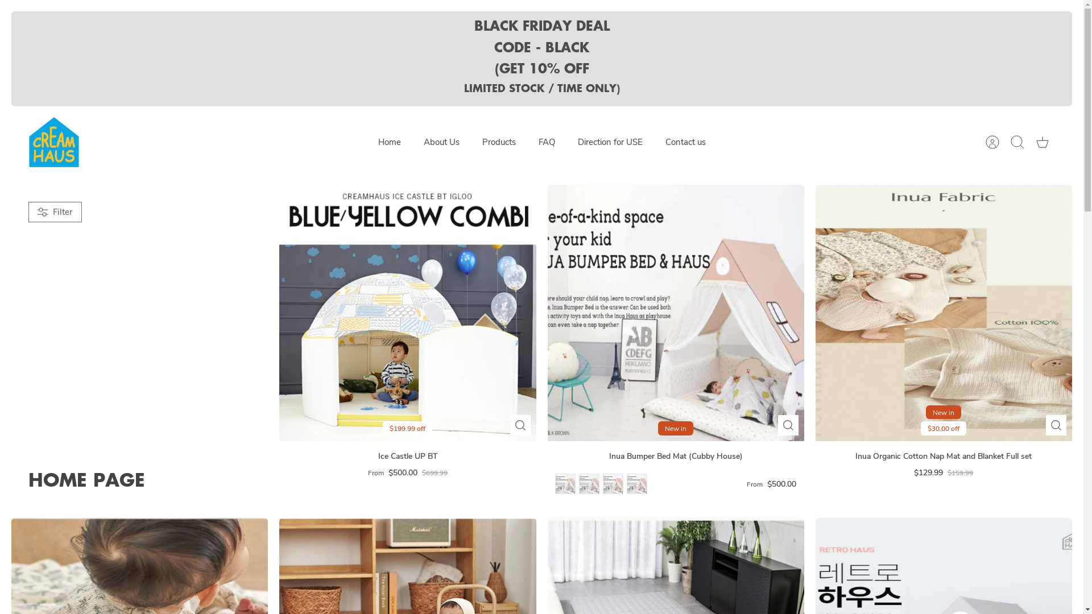 The height and width of the screenshot is (614, 1092). Describe the element at coordinates (412, 141) in the screenshot. I see `'About Us'` at that location.